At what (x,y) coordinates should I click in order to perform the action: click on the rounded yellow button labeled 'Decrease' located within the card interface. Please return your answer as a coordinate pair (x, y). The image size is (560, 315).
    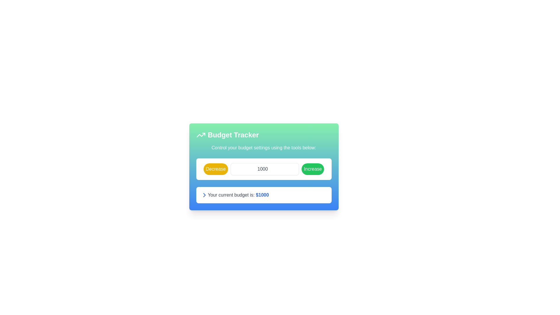
    Looking at the image, I should click on (215, 169).